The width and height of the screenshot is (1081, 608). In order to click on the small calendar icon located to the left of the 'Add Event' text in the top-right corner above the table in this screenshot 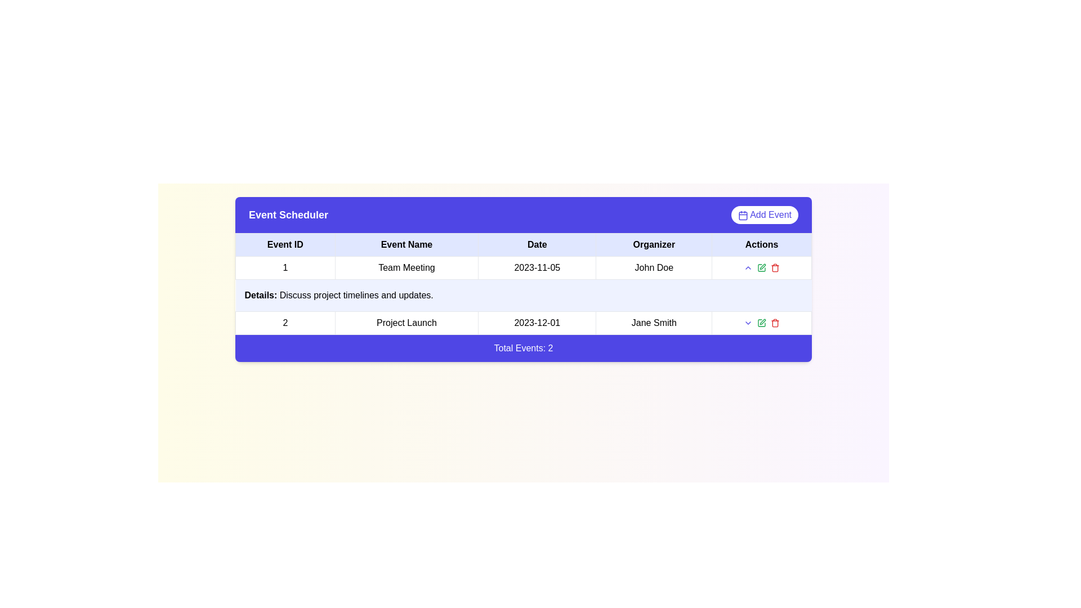, I will do `click(743, 215)`.